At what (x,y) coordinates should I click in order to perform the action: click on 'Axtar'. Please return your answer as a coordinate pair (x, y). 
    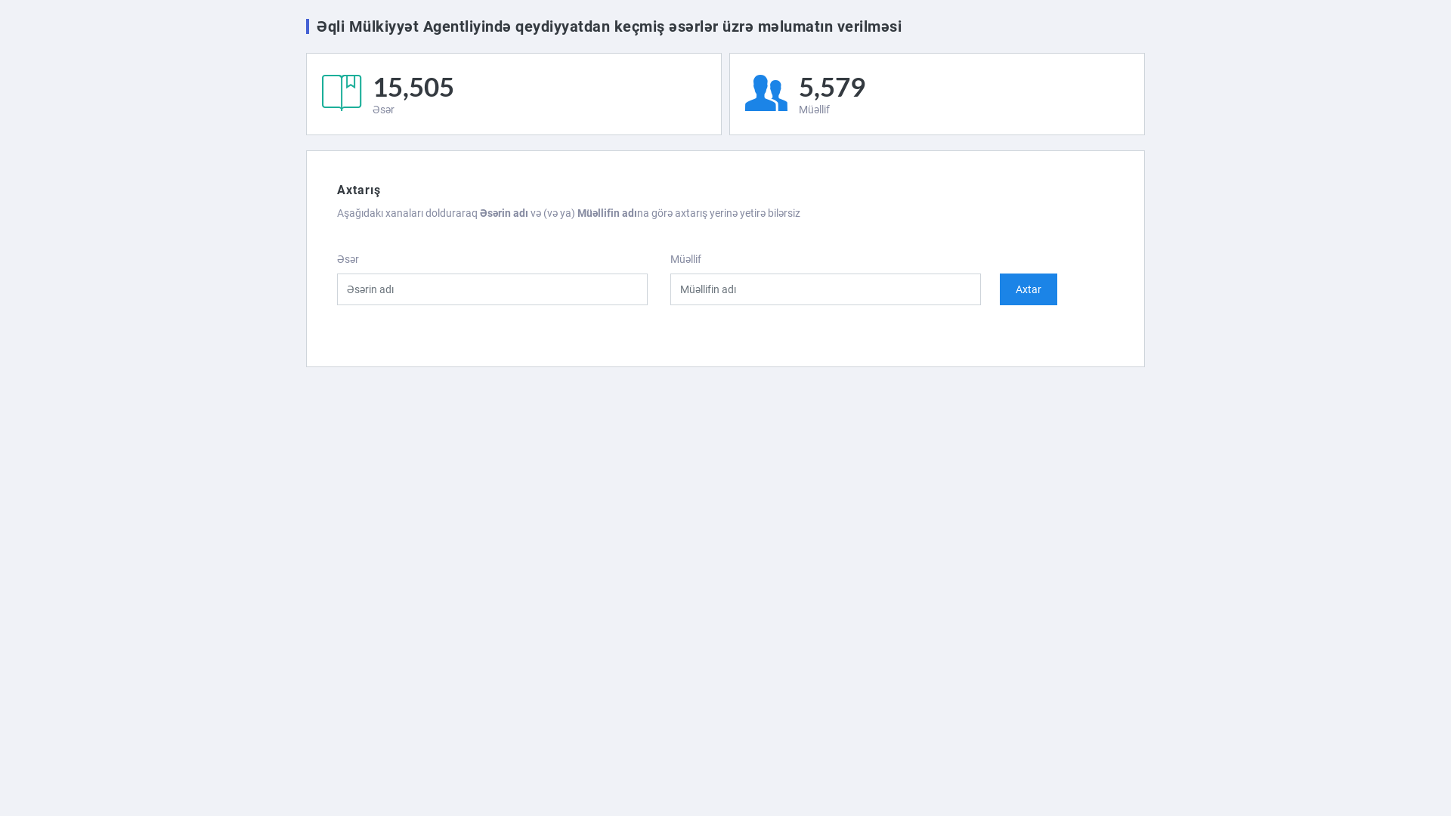
    Looking at the image, I should click on (1028, 289).